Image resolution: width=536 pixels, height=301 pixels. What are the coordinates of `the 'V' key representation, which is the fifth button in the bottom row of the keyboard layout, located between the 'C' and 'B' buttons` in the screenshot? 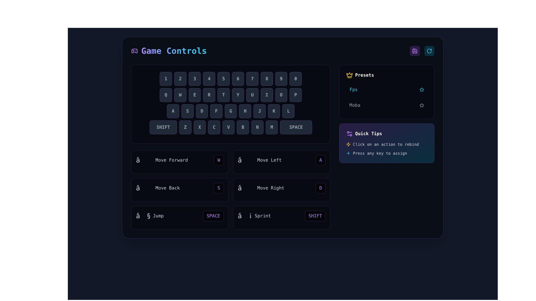 It's located at (228, 127).